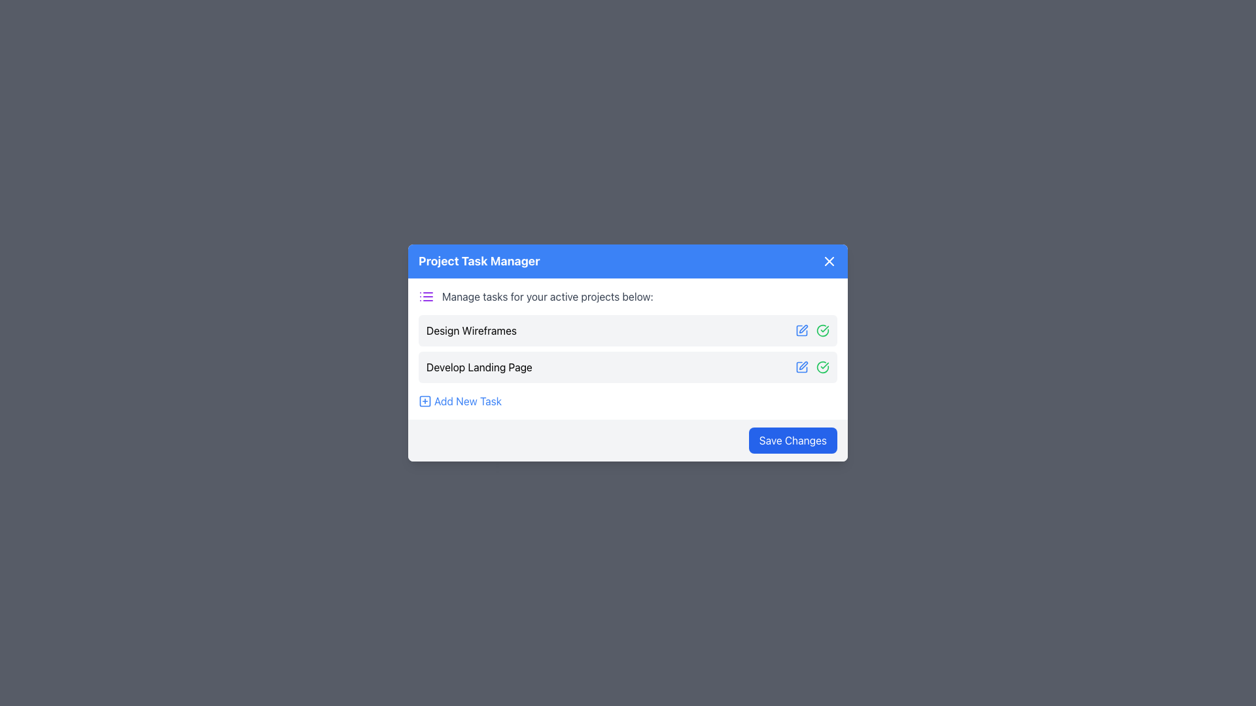  Describe the element at coordinates (425, 400) in the screenshot. I see `the background rectangle of the SVG icon located to the right of the task name in the task list` at that location.